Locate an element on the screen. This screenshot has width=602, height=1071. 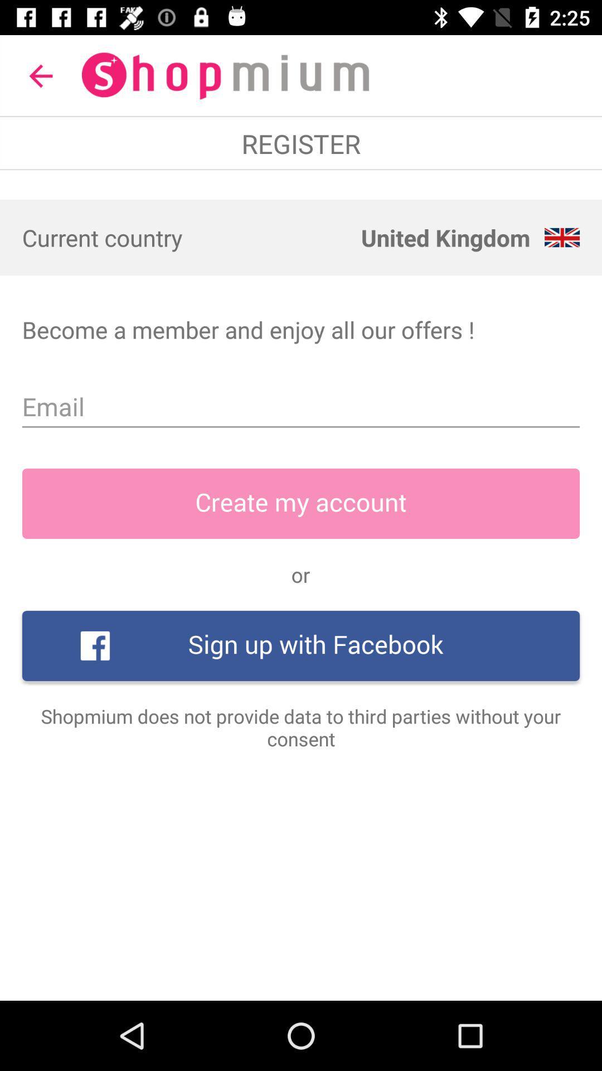
the create my account item is located at coordinates (301, 503).